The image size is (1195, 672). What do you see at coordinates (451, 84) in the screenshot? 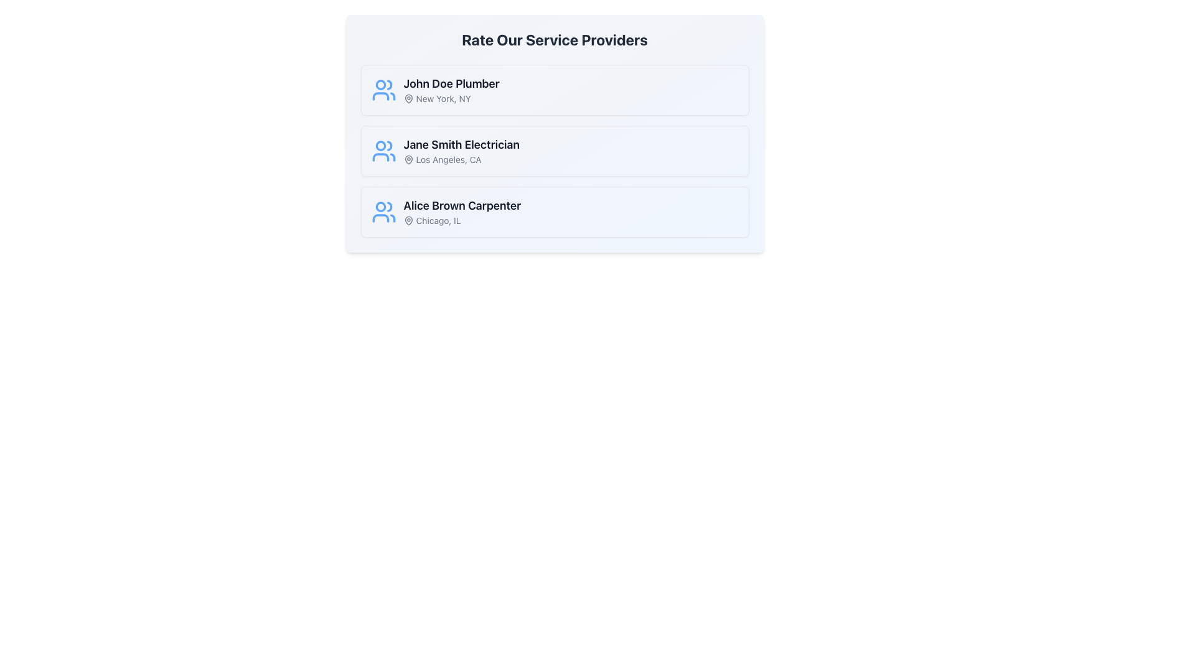
I see `the bold, large-sized text label reading 'John Doe Plumber'` at bounding box center [451, 84].